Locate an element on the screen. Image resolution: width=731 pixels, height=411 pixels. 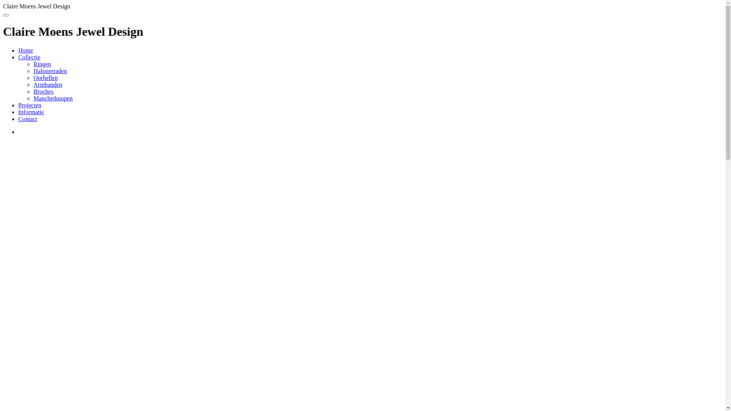
'Ringen' is located at coordinates (33, 64).